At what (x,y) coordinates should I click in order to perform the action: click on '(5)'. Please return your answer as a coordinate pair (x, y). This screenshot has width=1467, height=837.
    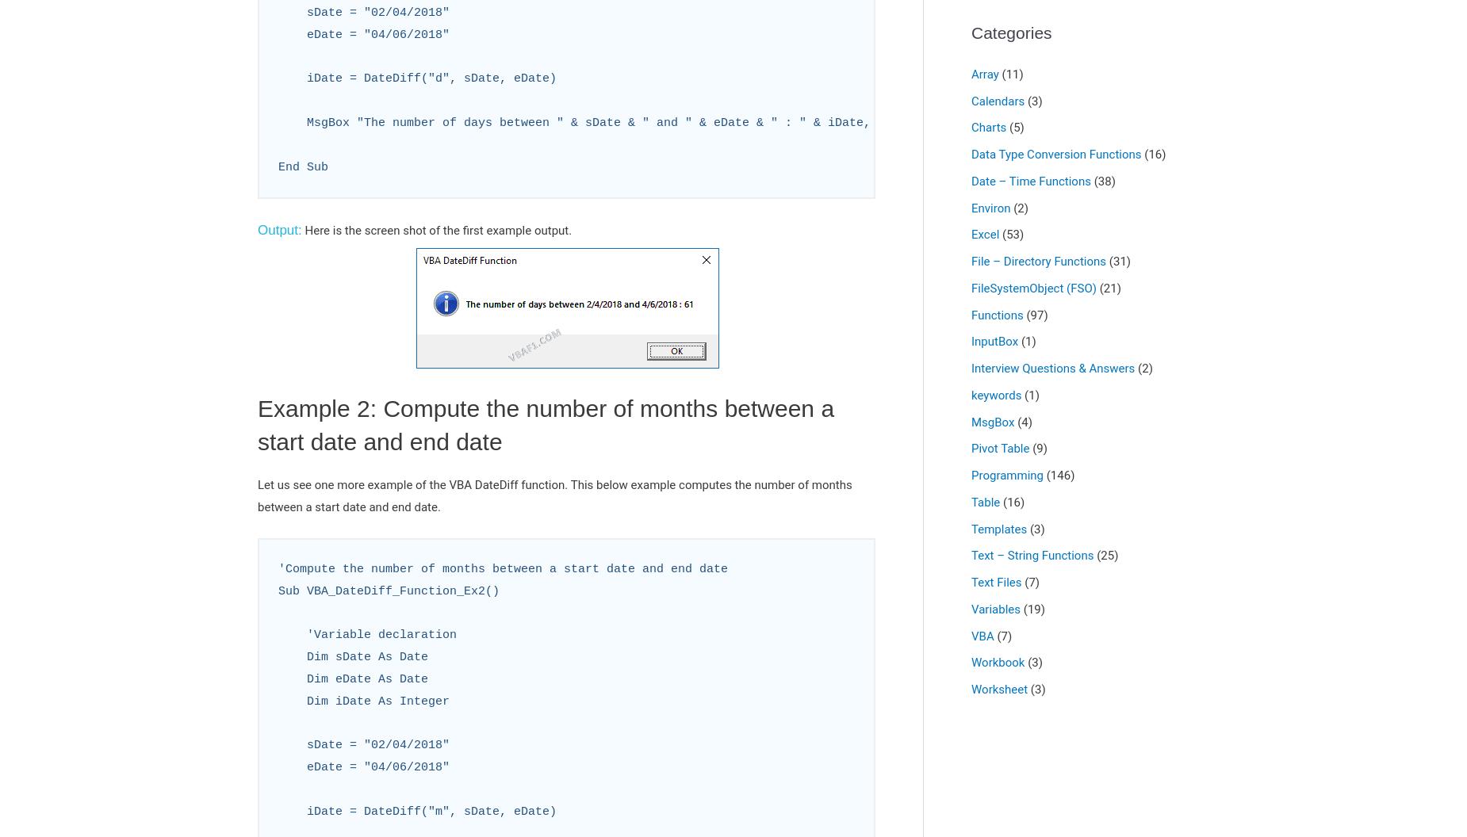
    Looking at the image, I should click on (1005, 128).